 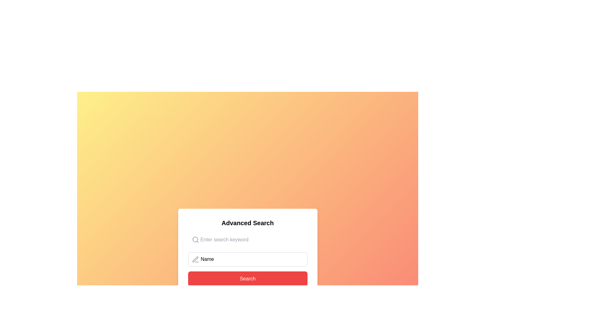 I want to click on the text input field used for entering keywords or search terms, so click(x=247, y=239).